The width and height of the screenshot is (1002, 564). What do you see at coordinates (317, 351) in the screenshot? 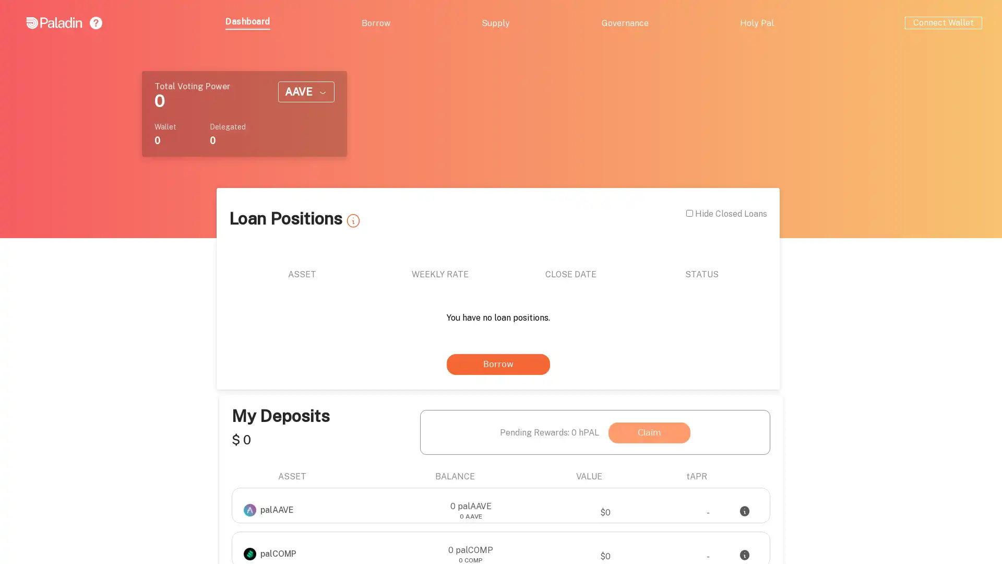
I see `Borrow` at bounding box center [317, 351].